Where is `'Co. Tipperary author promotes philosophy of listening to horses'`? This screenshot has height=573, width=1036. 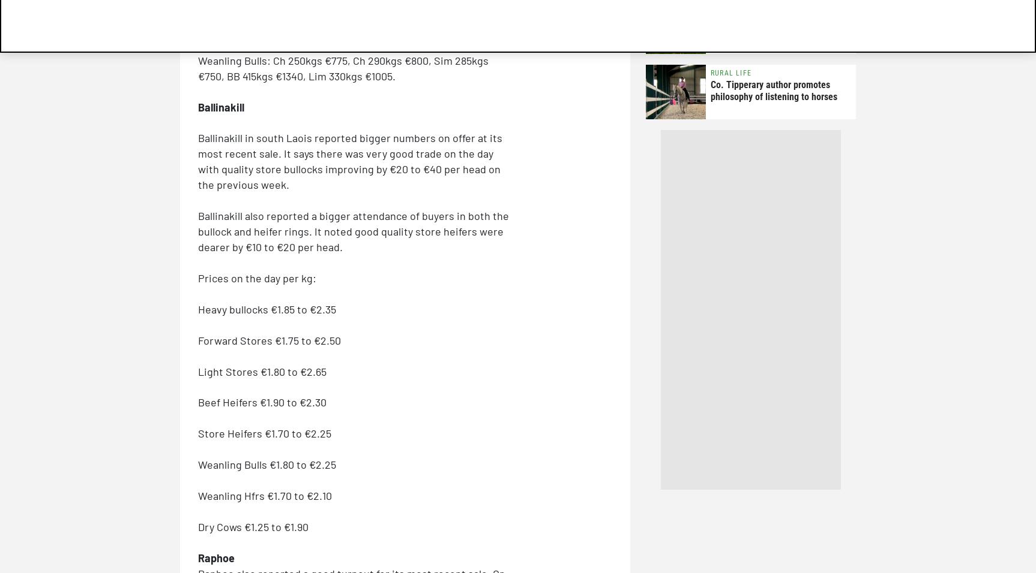
'Co. Tipperary author promotes philosophy of listening to horses' is located at coordinates (774, 91).